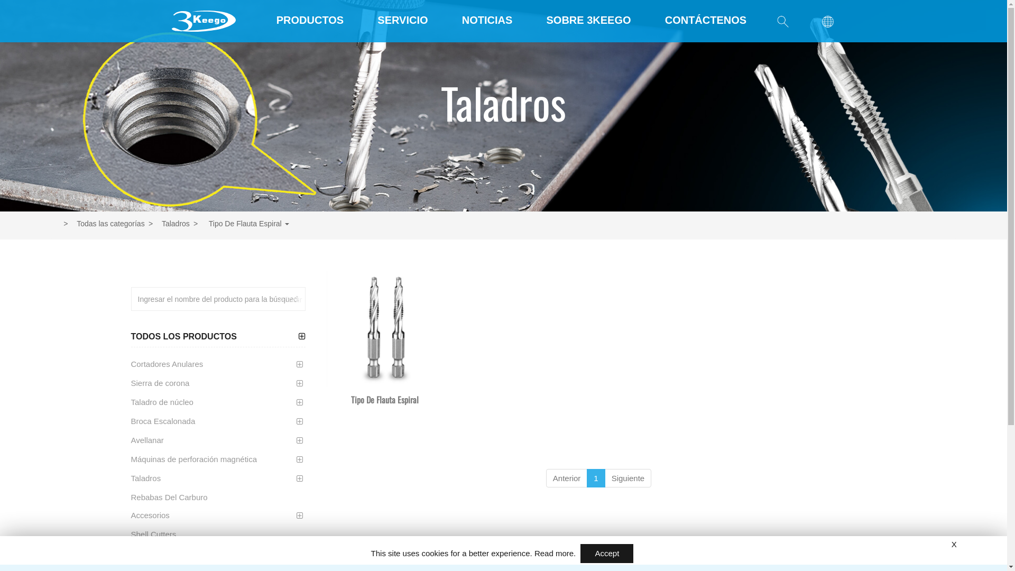  What do you see at coordinates (486, 20) in the screenshot?
I see `'NOTICIAS'` at bounding box center [486, 20].